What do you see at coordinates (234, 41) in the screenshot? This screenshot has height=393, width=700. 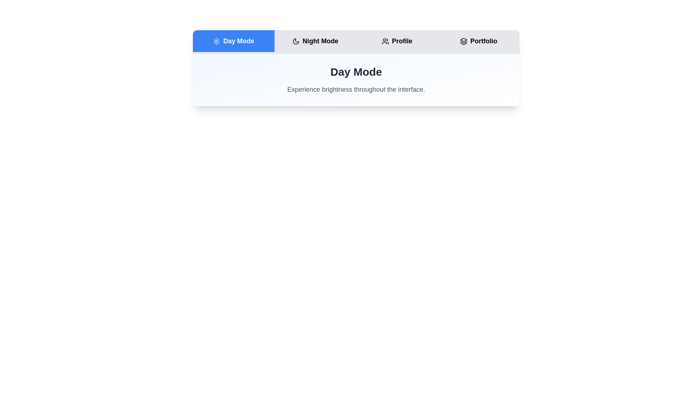 I see `the tab labeled Day Mode to observe its hover effect` at bounding box center [234, 41].